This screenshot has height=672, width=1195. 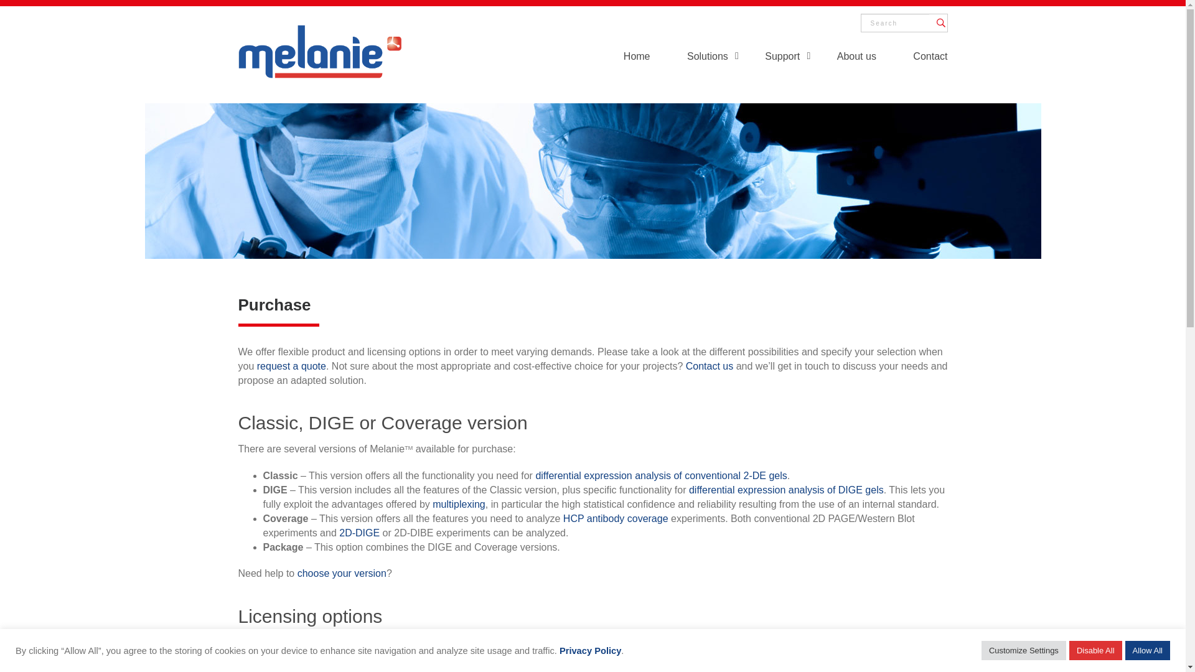 What do you see at coordinates (291, 365) in the screenshot?
I see `'request a quote'` at bounding box center [291, 365].